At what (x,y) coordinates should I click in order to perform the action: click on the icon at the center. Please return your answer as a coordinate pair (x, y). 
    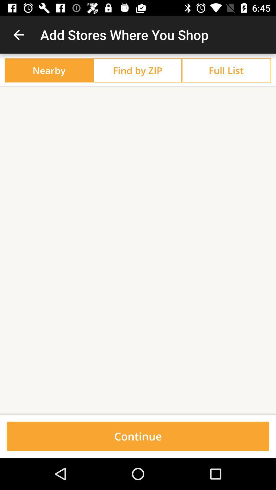
    Looking at the image, I should click on (138, 251).